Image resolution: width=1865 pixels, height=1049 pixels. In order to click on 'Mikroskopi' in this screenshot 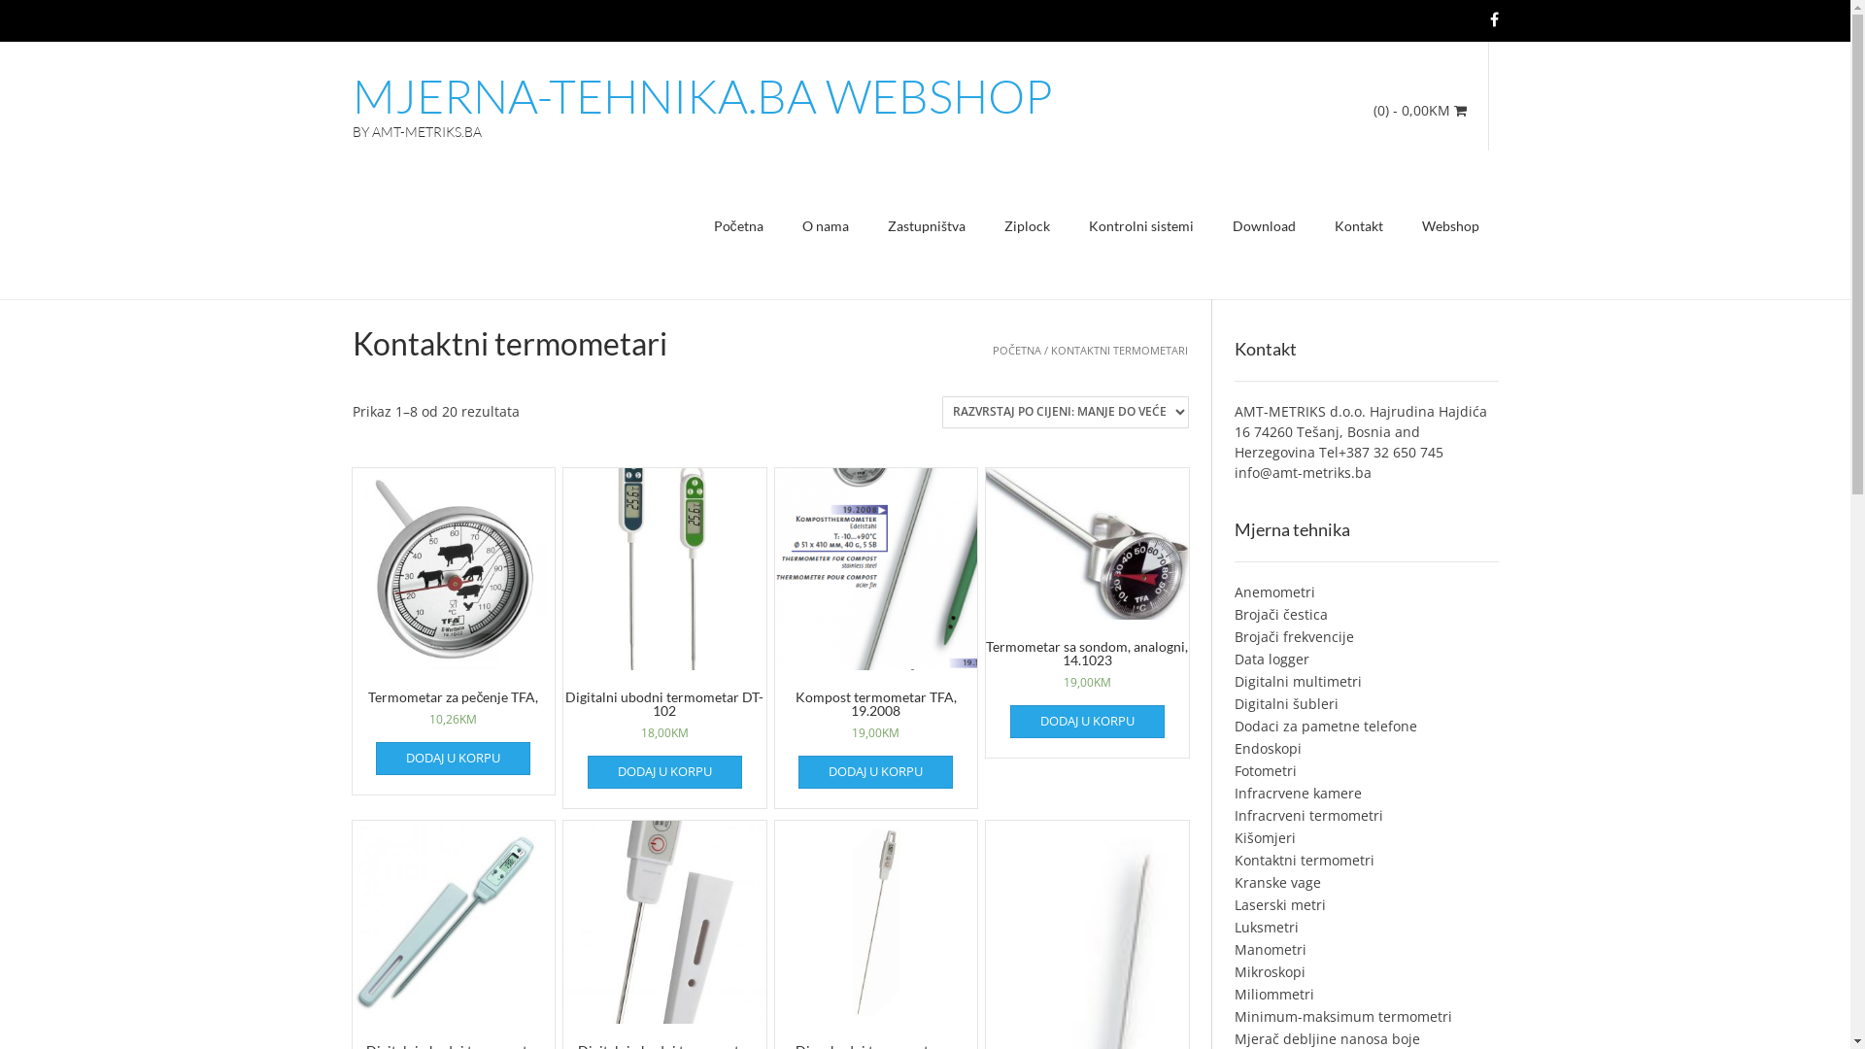, I will do `click(1270, 971)`.